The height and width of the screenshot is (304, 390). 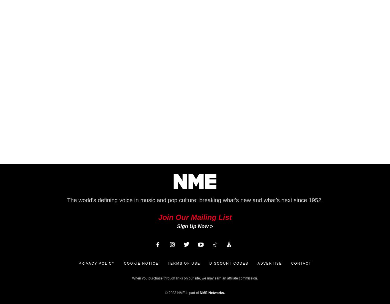 I want to click on '.', so click(x=224, y=293).